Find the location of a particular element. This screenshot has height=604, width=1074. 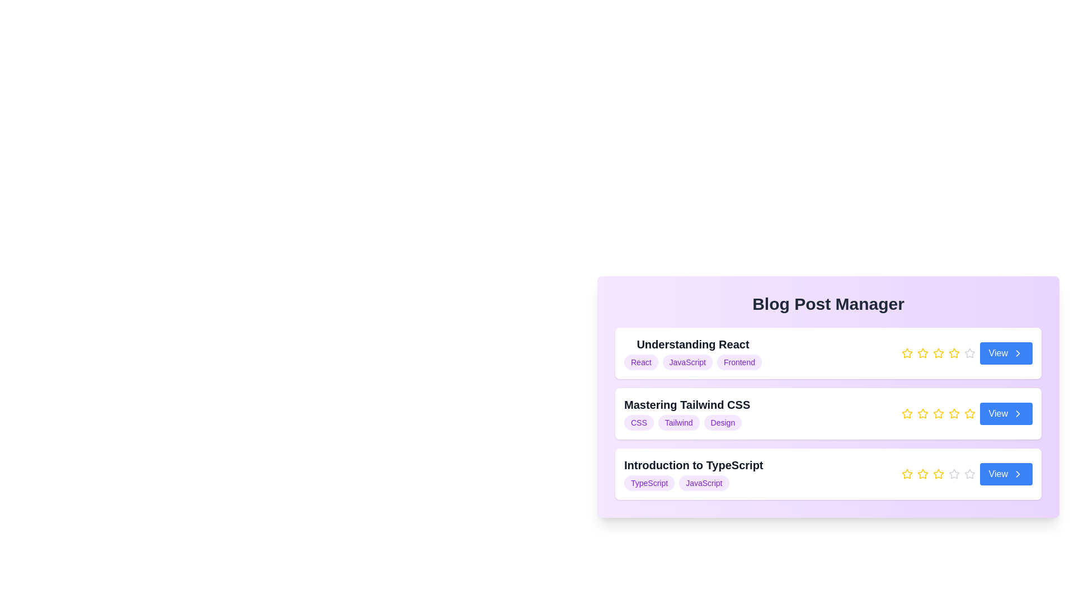

the fifth star-shaped icon in the rating section under 'Introduction to TypeScript' is located at coordinates (969, 474).